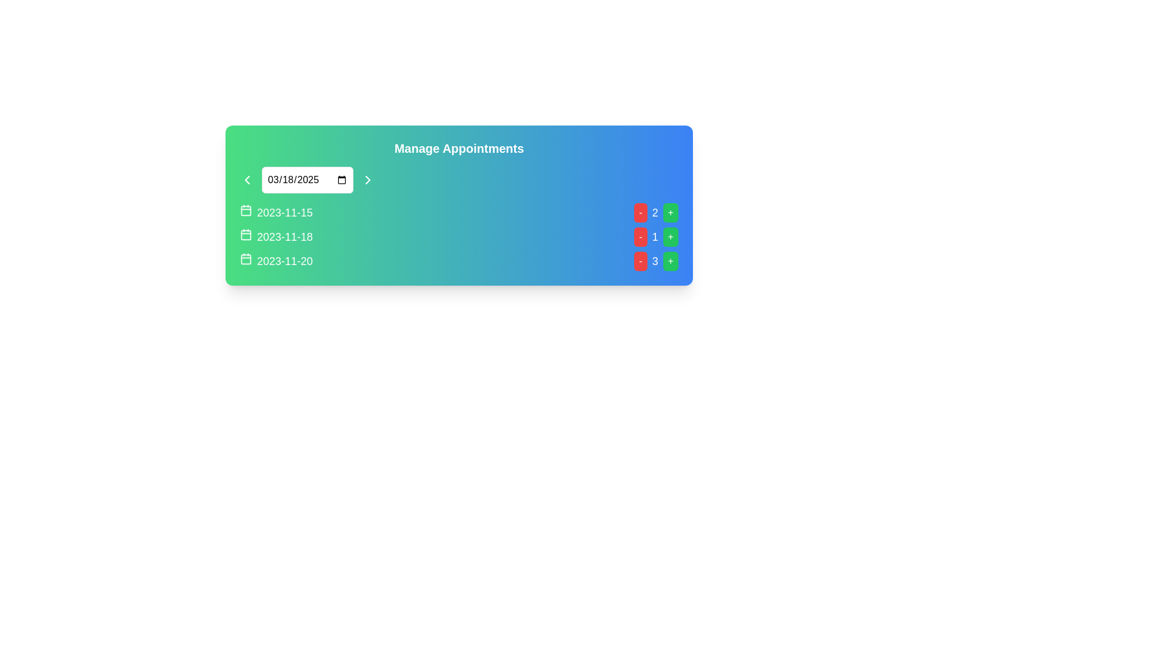 This screenshot has height=655, width=1164. I want to click on the Text Label that serves as a header or title for the component, indicating the purpose of the section below it, so click(458, 148).